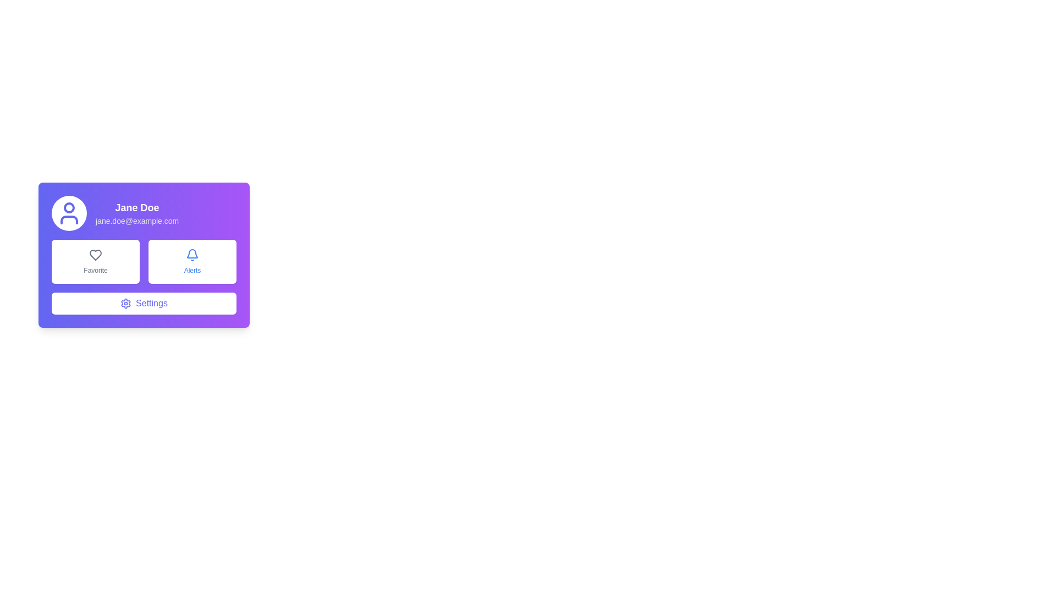 Image resolution: width=1056 pixels, height=594 pixels. What do you see at coordinates (136, 208) in the screenshot?
I see `text label displaying the user's name, located in the upper-left section of the purple card, directly above the email text 'jane.doe@example.com'` at bounding box center [136, 208].